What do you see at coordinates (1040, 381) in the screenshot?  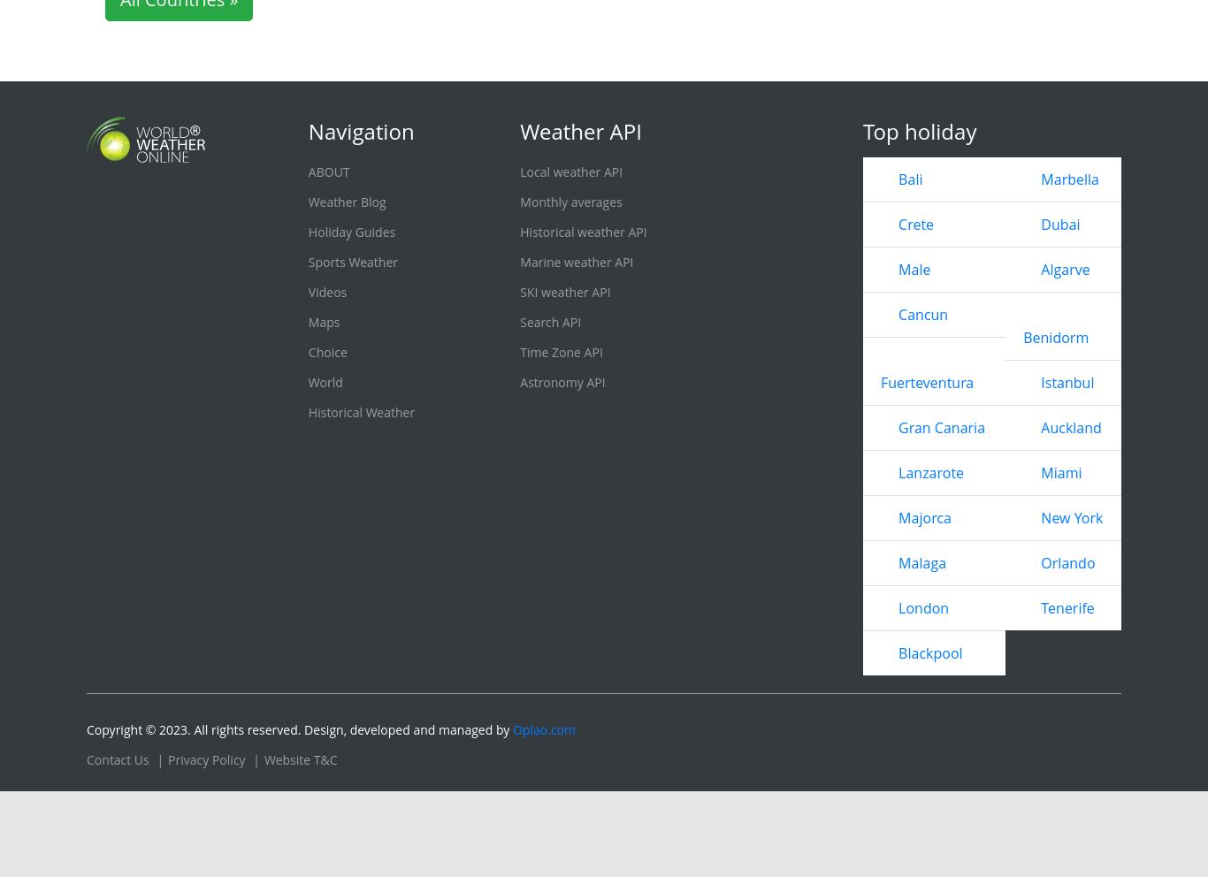 I see `'Istanbul'` at bounding box center [1040, 381].